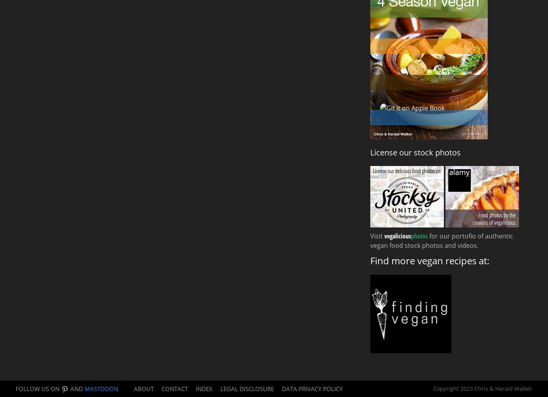 The height and width of the screenshot is (397, 548). I want to click on 'Visit', so click(377, 236).